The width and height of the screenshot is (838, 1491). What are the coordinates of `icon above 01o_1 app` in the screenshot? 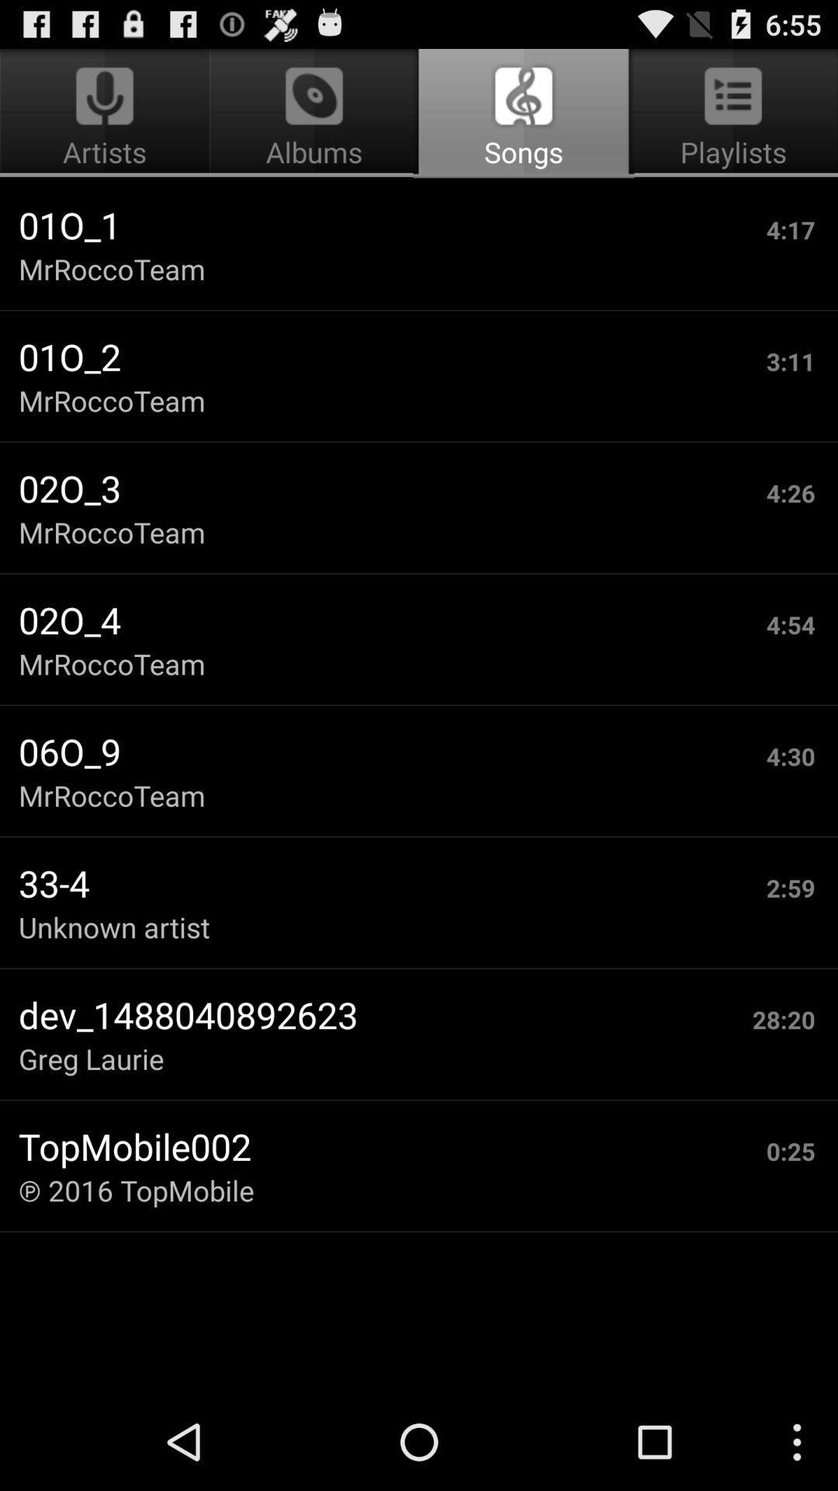 It's located at (314, 113).